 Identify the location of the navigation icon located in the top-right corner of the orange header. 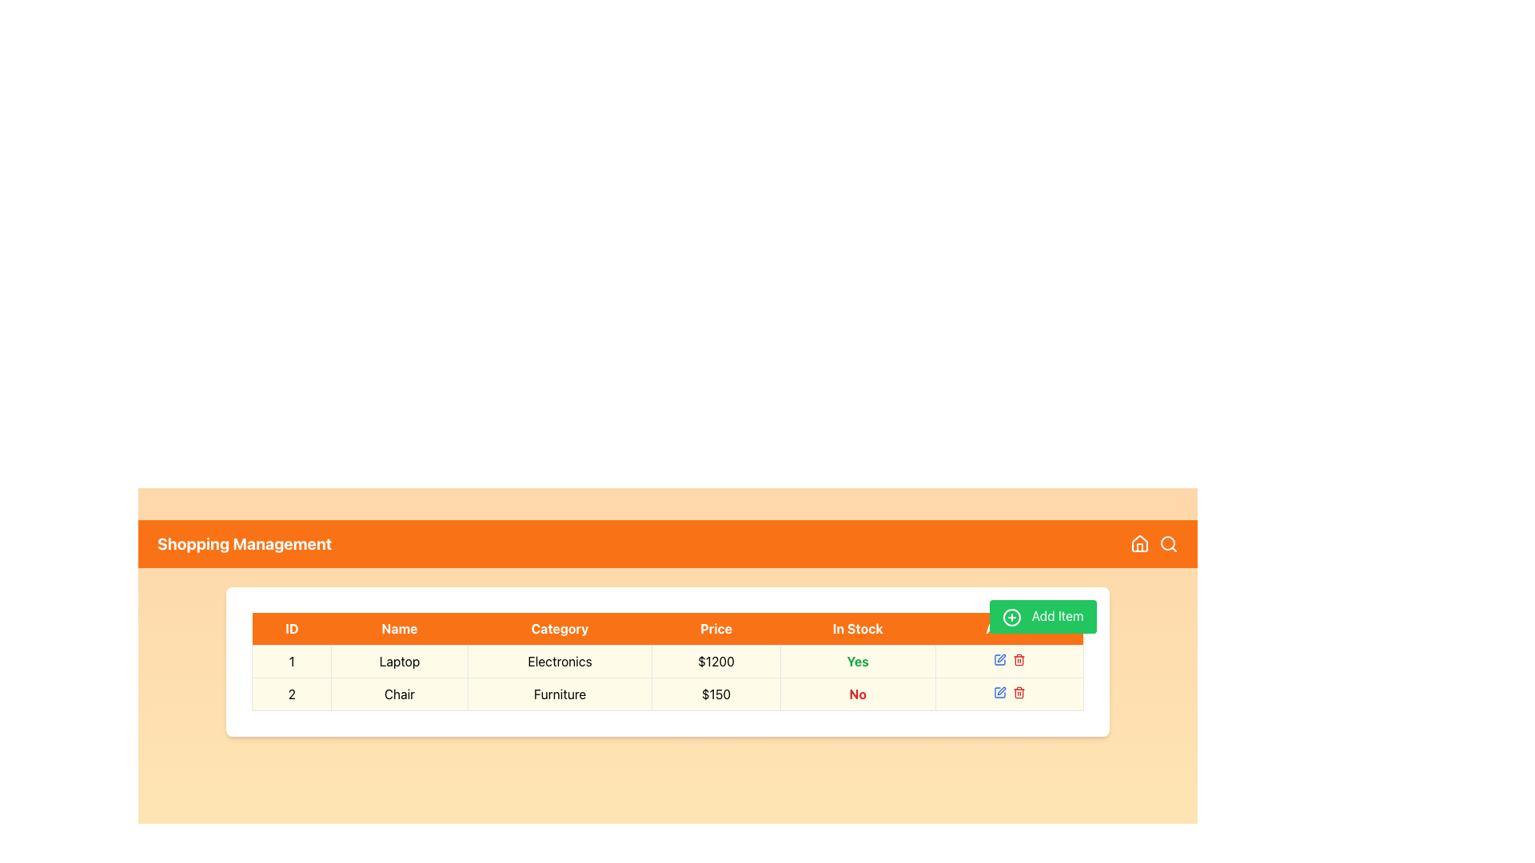
(1138, 542).